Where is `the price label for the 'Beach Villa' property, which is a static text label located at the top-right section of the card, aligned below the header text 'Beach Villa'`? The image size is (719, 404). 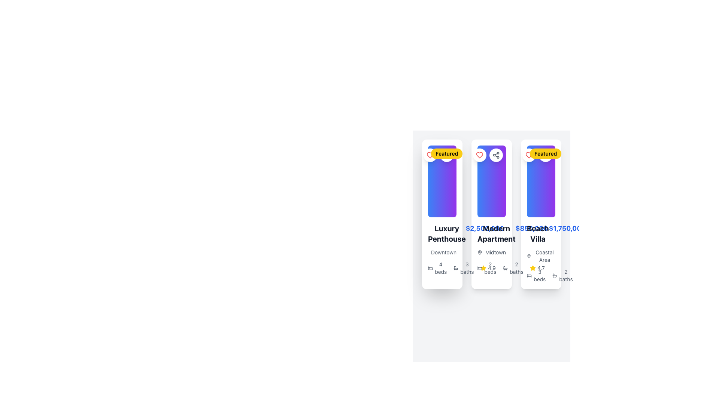
the price label for the 'Beach Villa' property, which is a static text label located at the top-right section of the card, aligned below the header text 'Beach Villa' is located at coordinates (567, 228).